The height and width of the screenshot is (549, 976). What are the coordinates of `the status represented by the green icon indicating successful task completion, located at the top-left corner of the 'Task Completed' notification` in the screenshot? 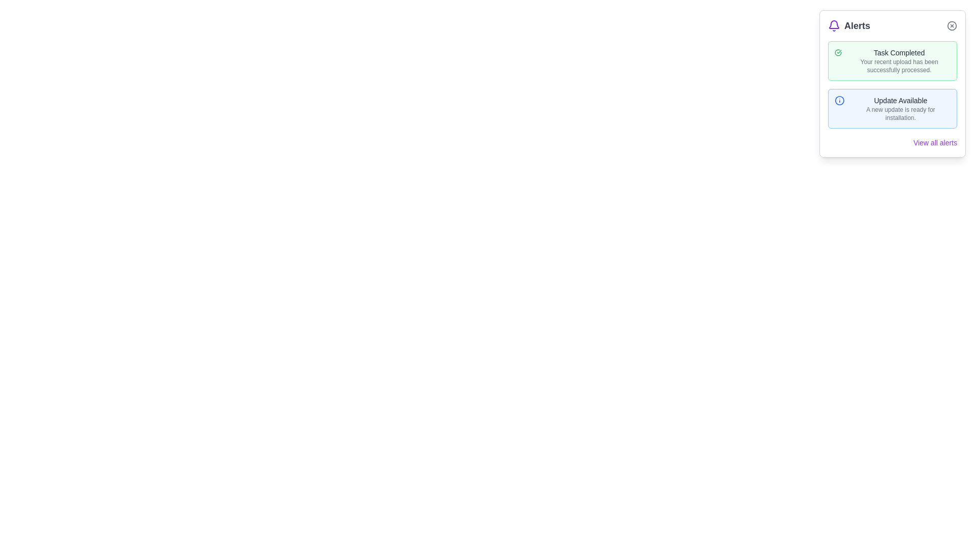 It's located at (838, 53).